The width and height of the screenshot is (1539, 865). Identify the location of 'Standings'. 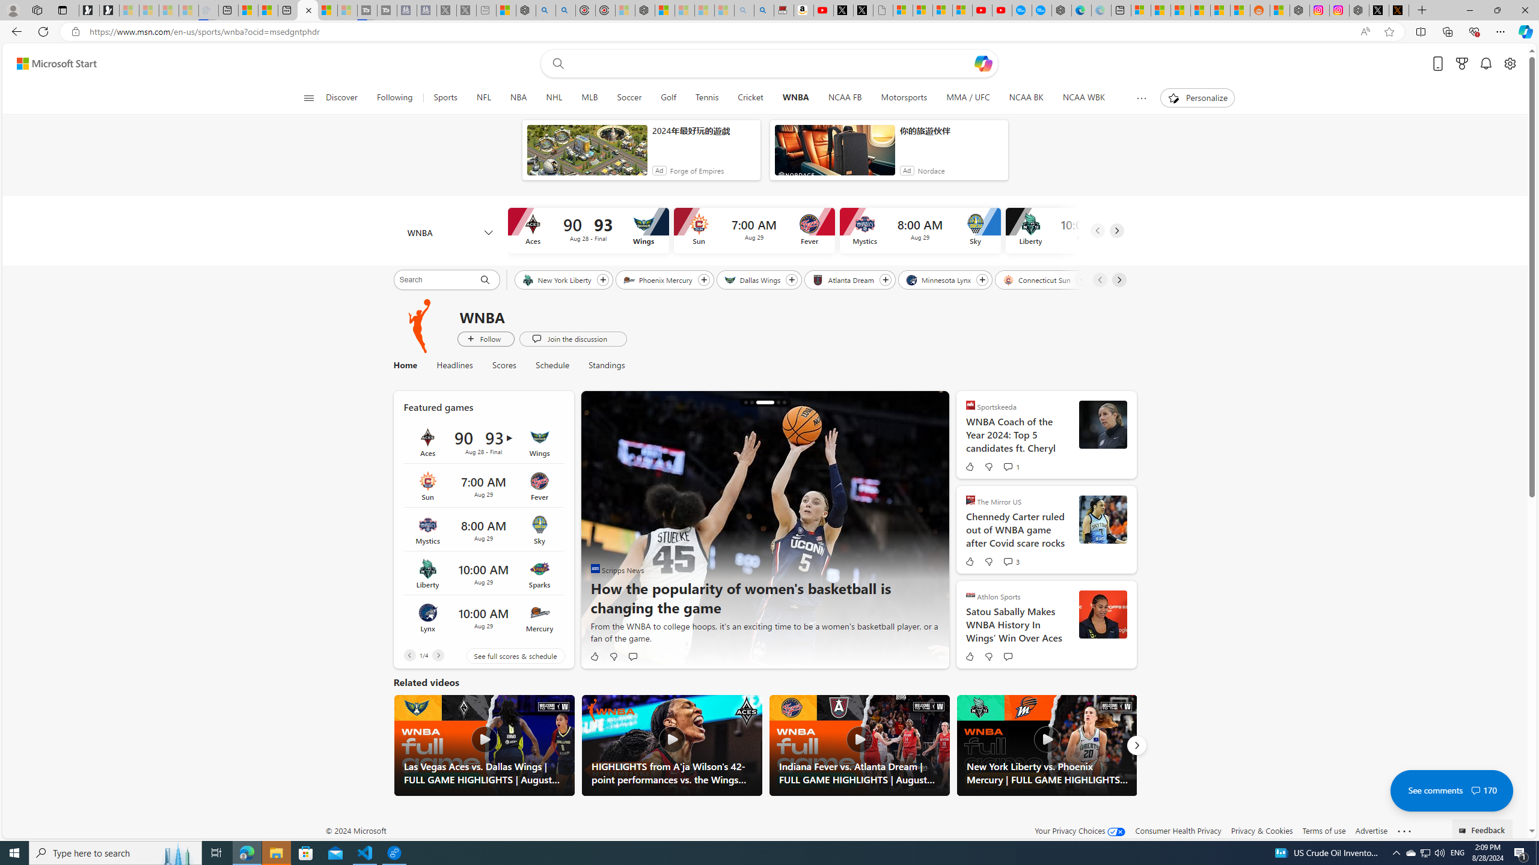
(601, 365).